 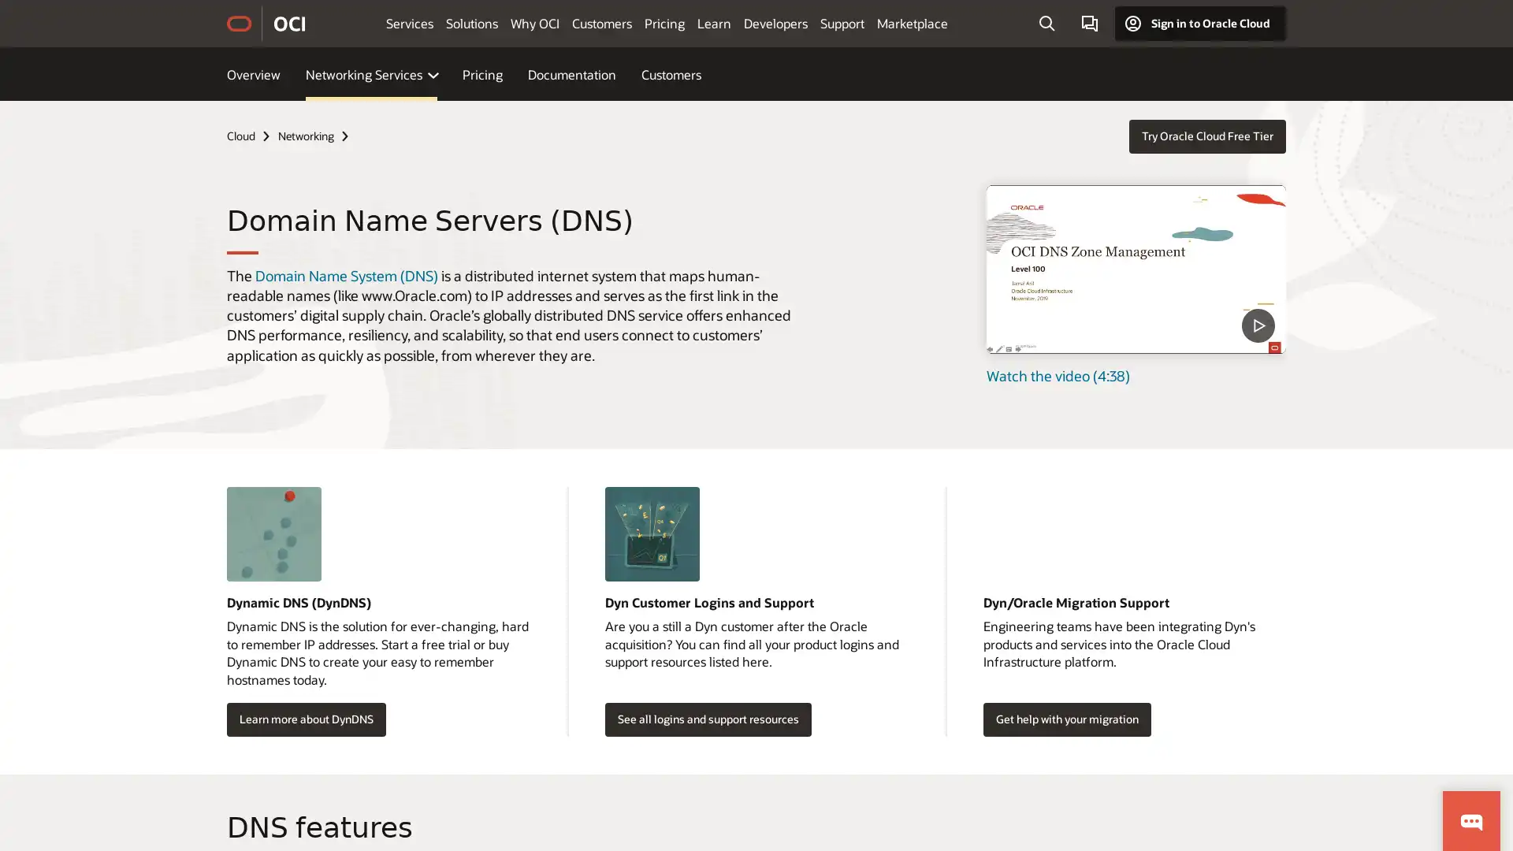 I want to click on Marketplace, so click(x=912, y=23).